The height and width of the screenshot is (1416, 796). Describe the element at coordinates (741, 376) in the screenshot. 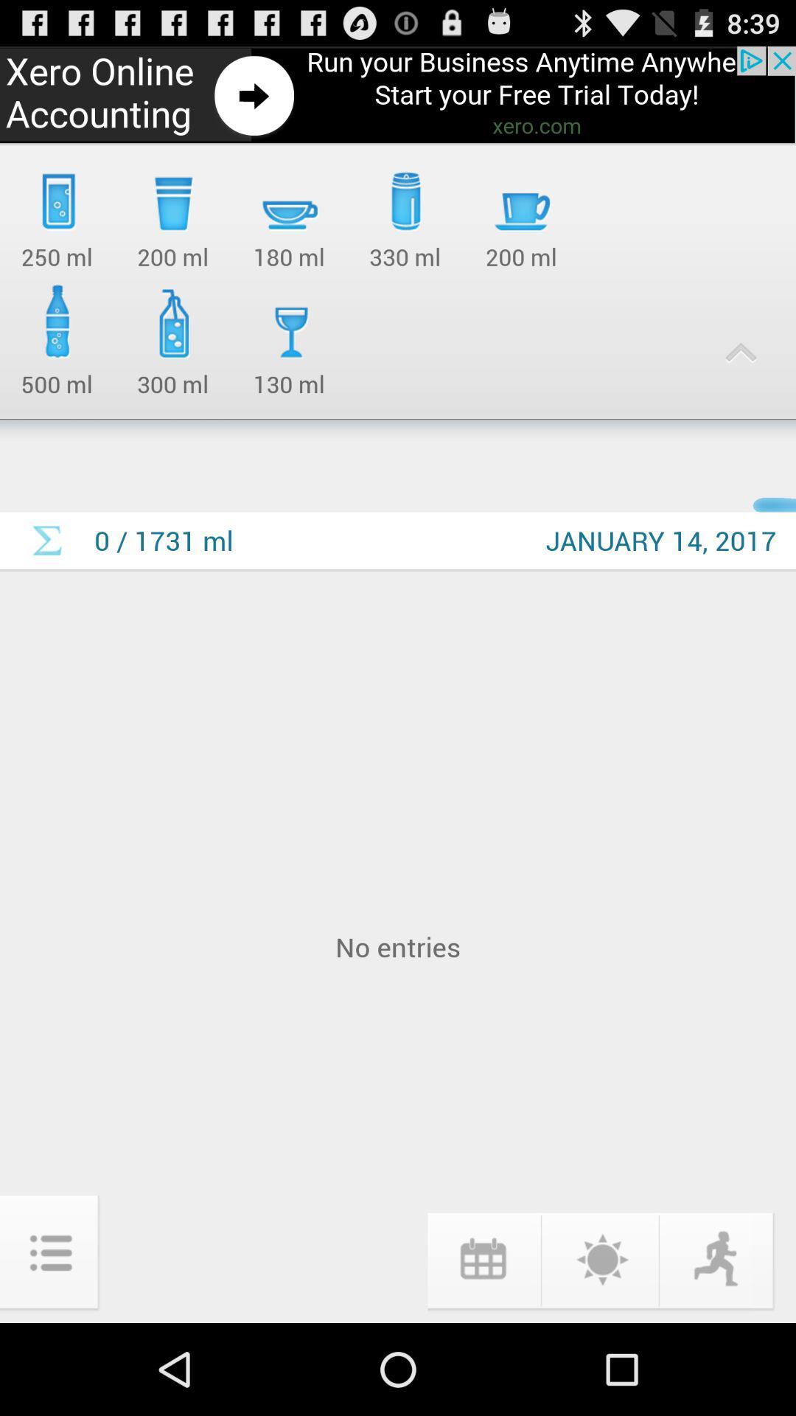

I see `the expand_less icon` at that location.